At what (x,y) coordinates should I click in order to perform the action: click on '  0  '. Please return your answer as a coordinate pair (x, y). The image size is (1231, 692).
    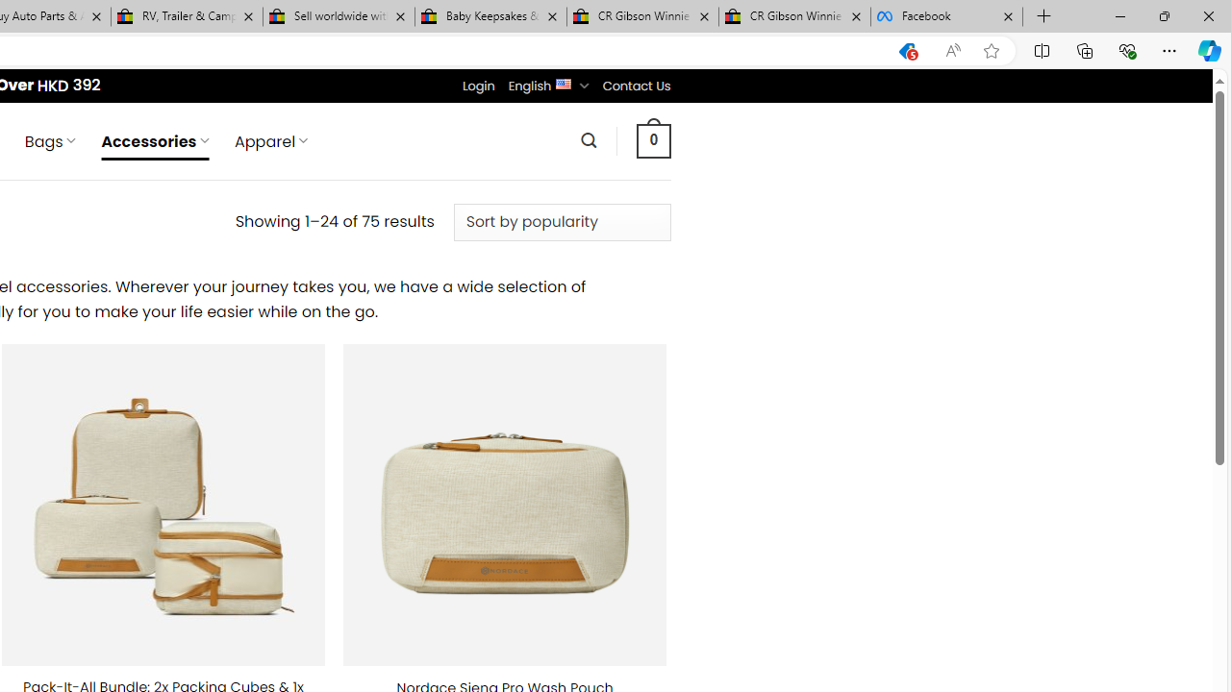
    Looking at the image, I should click on (653, 139).